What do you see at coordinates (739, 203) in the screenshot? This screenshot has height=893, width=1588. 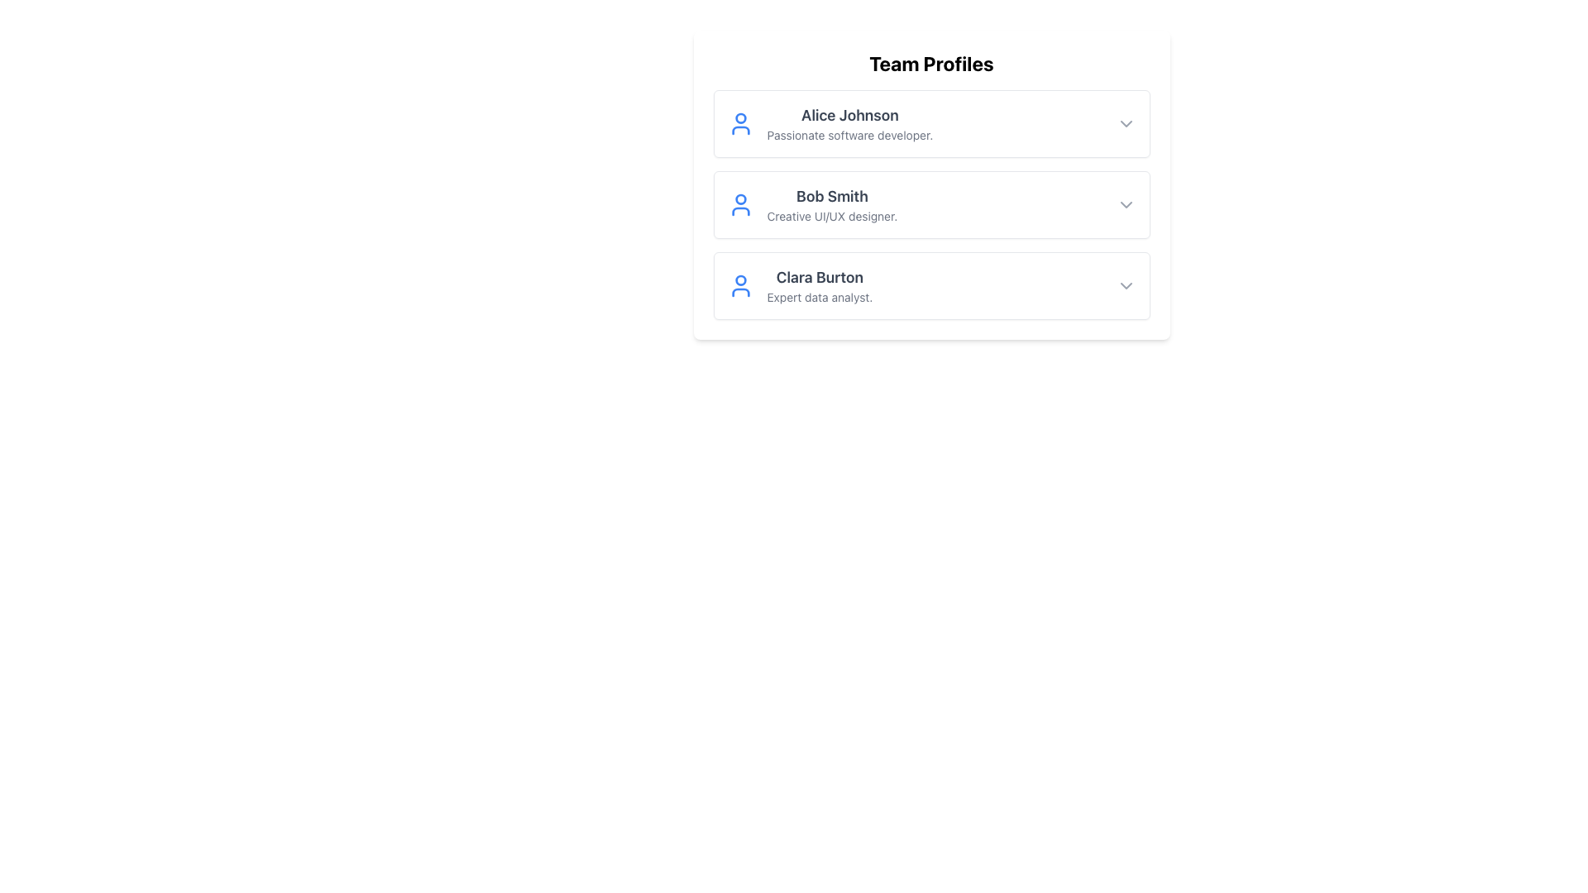 I see `the blue profile icon depicting a stylized human figure, located to the left of the 'Bob Smith' label in the 'Team Profiles' section` at bounding box center [739, 203].